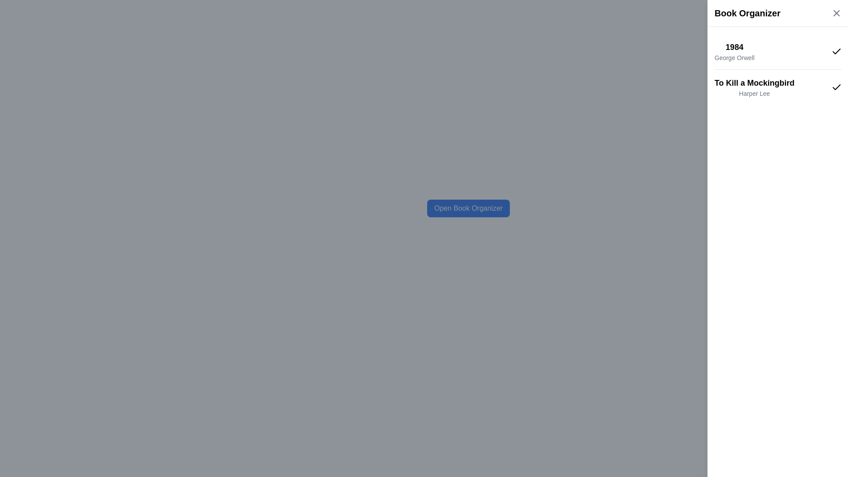 The height and width of the screenshot is (477, 849). Describe the element at coordinates (753, 87) in the screenshot. I see `the text block displaying information about a specific book, located` at that location.